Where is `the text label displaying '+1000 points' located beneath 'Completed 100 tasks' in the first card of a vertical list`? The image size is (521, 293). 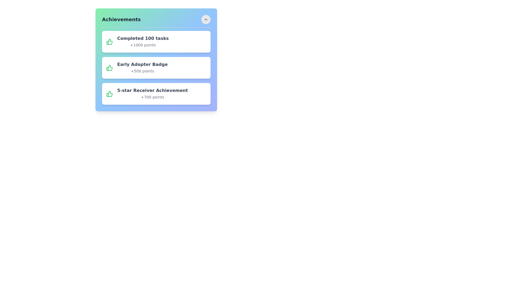
the text label displaying '+1000 points' located beneath 'Completed 100 tasks' in the first card of a vertical list is located at coordinates (143, 44).